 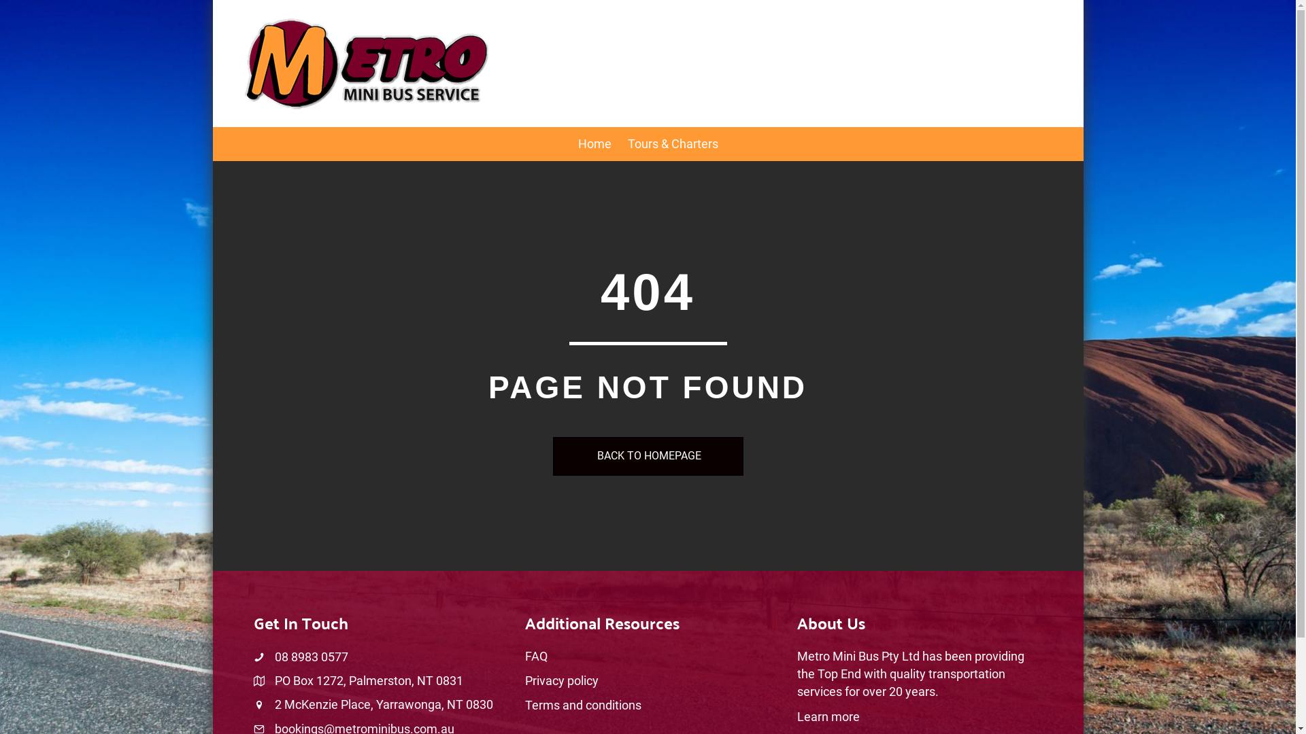 I want to click on 'logo-metro', so click(x=366, y=63).